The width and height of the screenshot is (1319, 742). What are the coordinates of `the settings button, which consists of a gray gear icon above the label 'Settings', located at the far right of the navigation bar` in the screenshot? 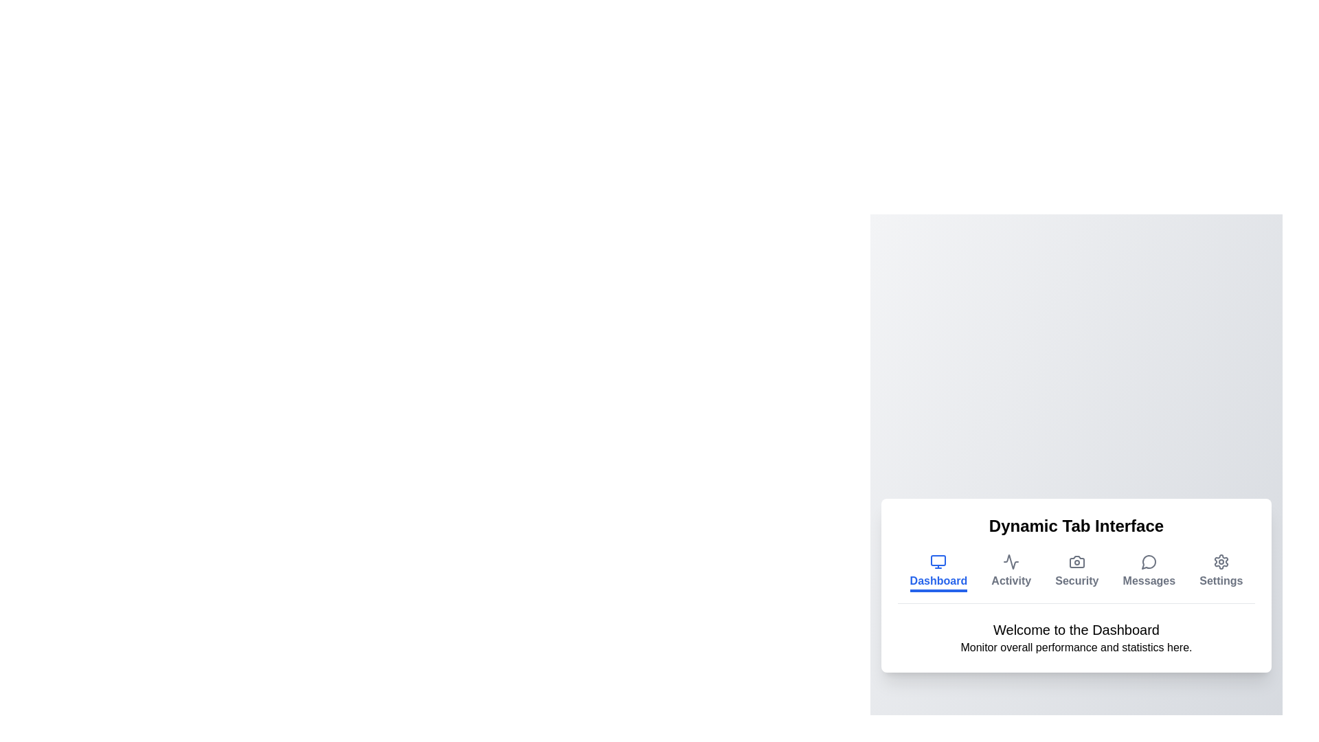 It's located at (1221, 572).